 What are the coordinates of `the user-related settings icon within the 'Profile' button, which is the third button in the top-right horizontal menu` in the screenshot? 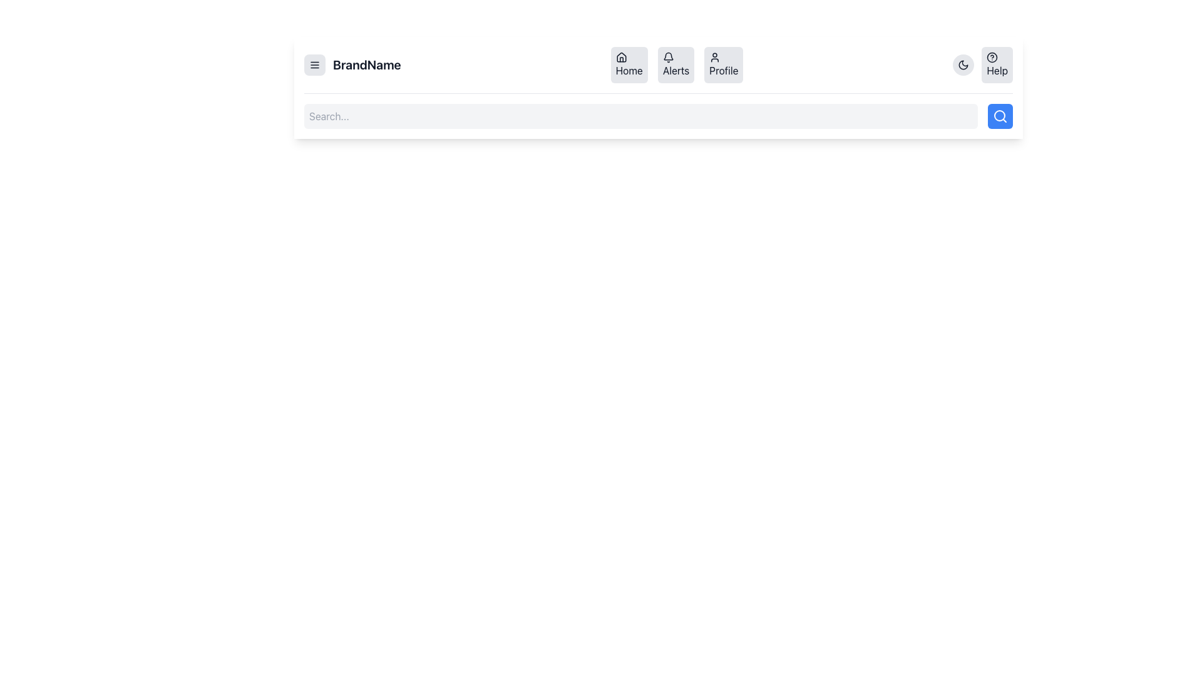 It's located at (715, 58).